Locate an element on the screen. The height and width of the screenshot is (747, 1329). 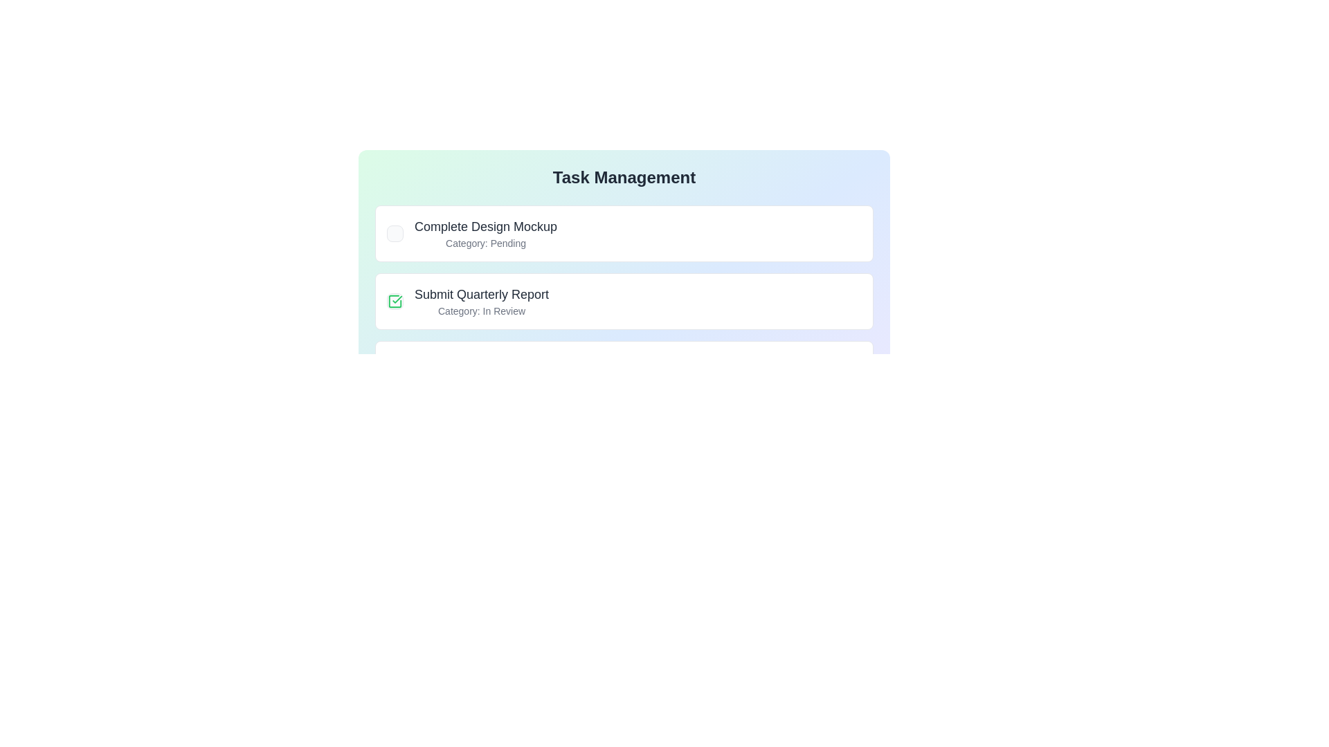
the icon associated with the 'Submit Quarterly Report' task is located at coordinates (468, 300).